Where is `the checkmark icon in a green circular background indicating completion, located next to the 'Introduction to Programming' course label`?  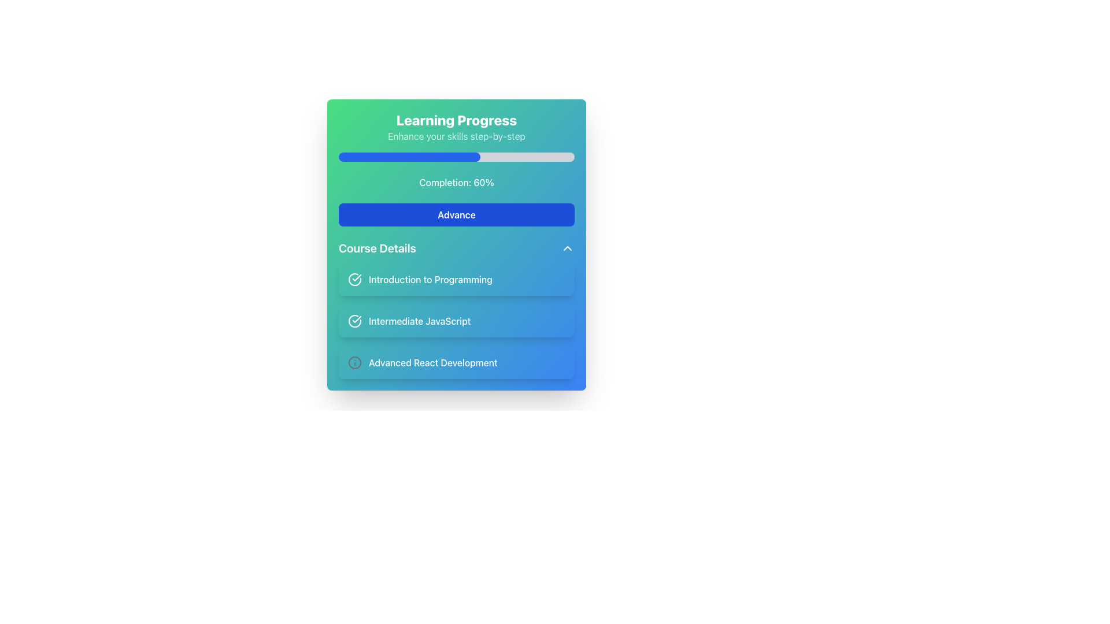 the checkmark icon in a green circular background indicating completion, located next to the 'Introduction to Programming' course label is located at coordinates (356, 319).